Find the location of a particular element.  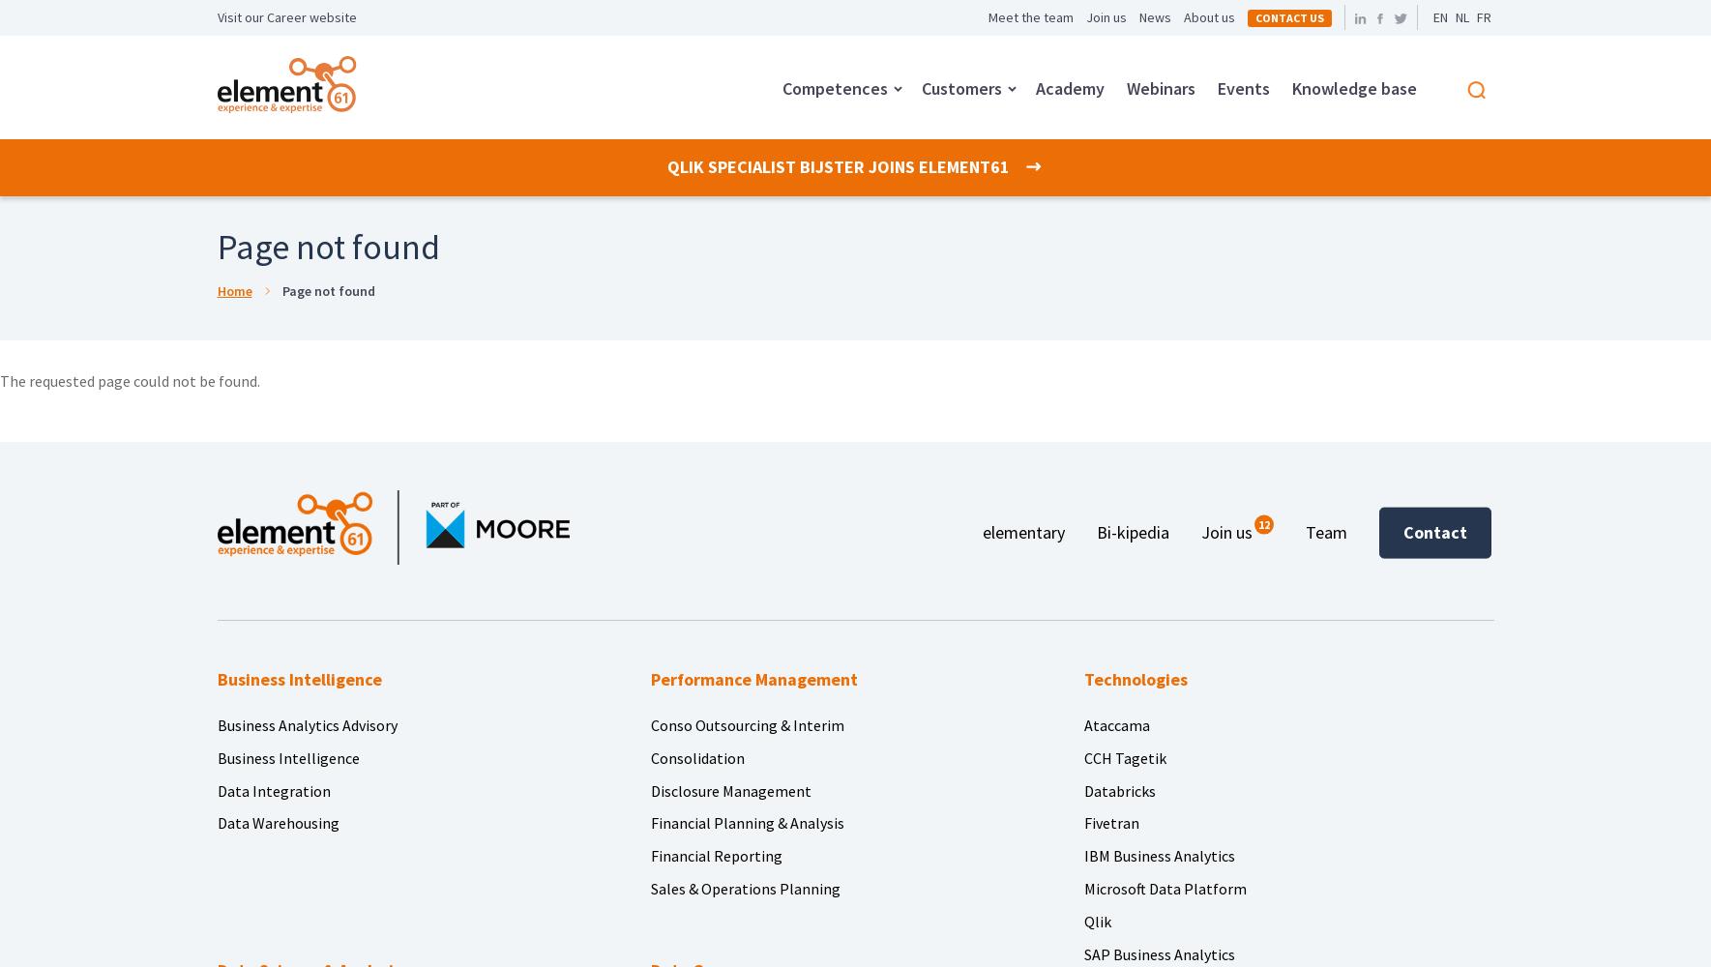

'Home' is located at coordinates (233, 291).